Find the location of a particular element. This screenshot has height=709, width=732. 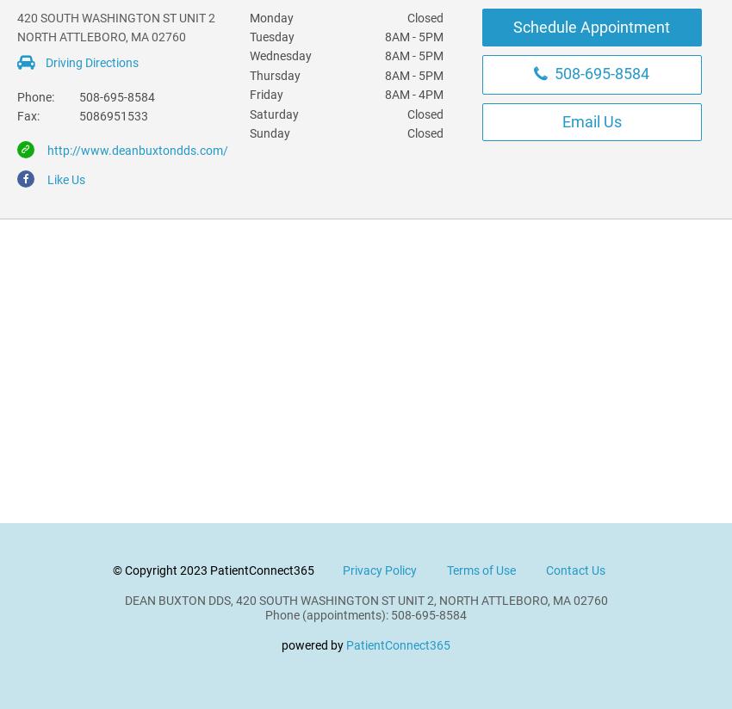

'8AM - 4PM' is located at coordinates (382, 95).